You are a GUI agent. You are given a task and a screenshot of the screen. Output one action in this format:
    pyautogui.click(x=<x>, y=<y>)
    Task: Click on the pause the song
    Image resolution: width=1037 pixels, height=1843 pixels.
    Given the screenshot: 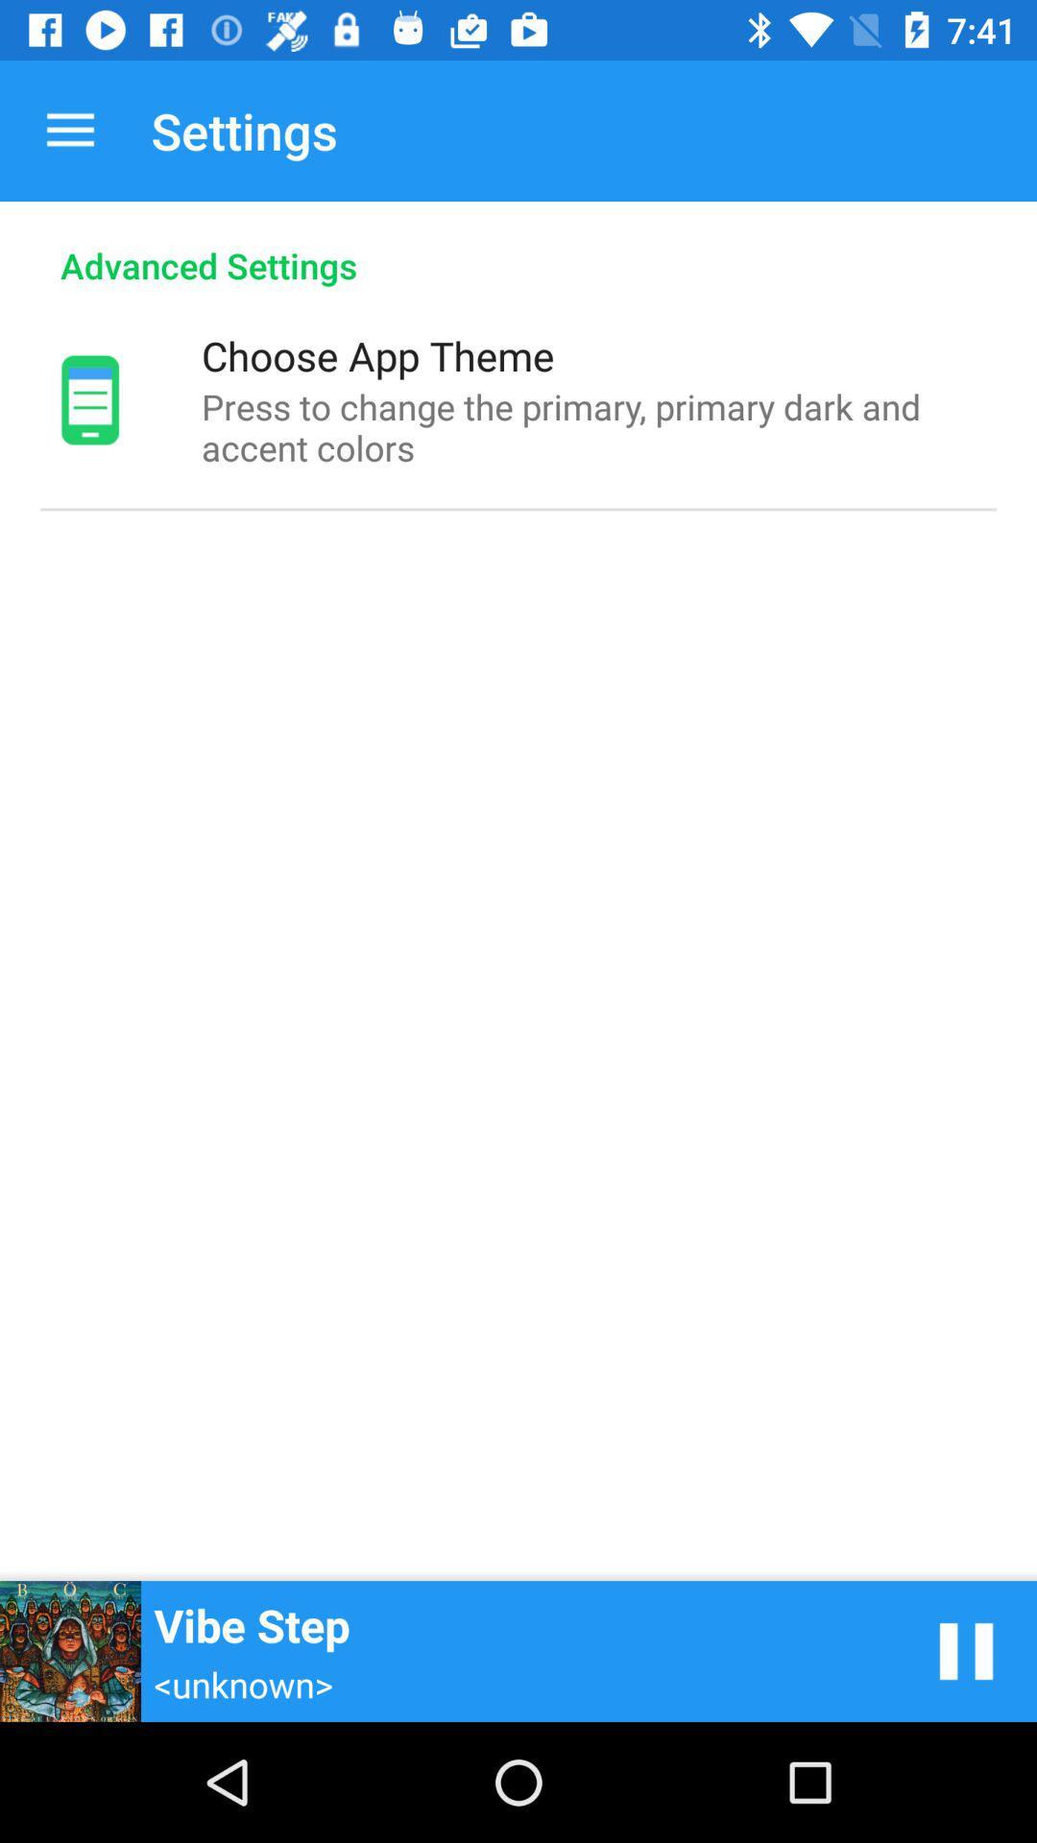 What is the action you would take?
    pyautogui.click(x=966, y=1650)
    